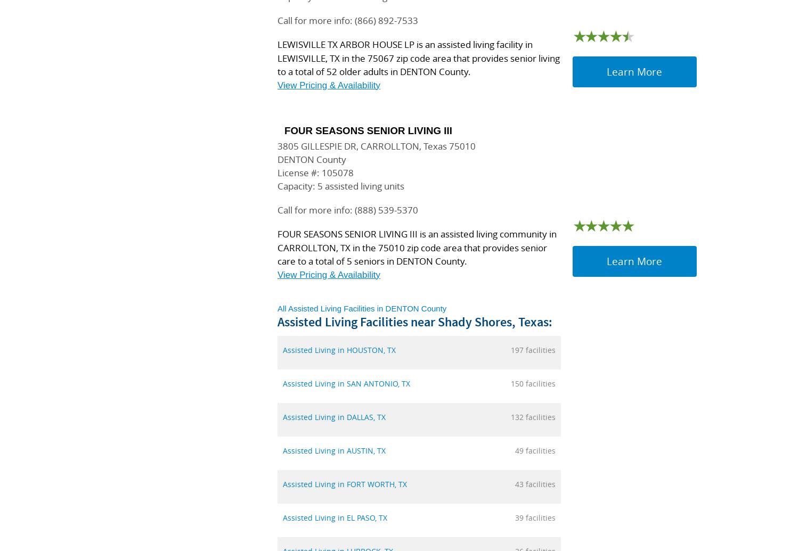 This screenshot has width=799, height=551. Describe the element at coordinates (414, 321) in the screenshot. I see `'Assisted Living Facilities near Shady Shores, Texas:'` at that location.